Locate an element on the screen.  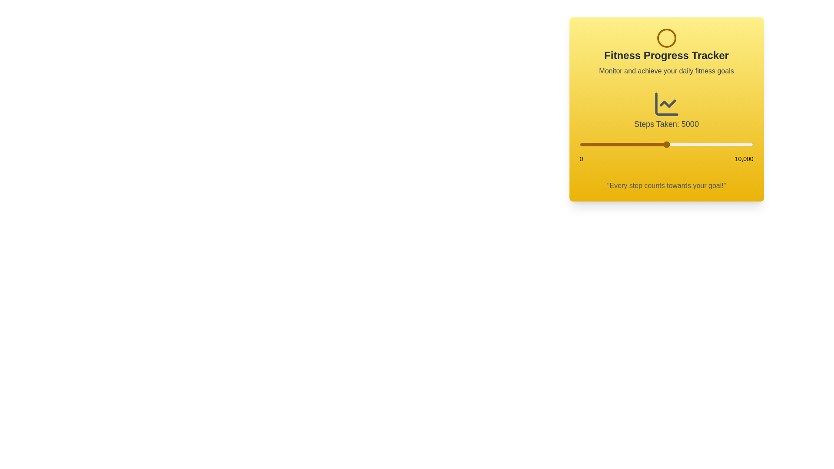
the step count to 9813 using the slider is located at coordinates (750, 144).